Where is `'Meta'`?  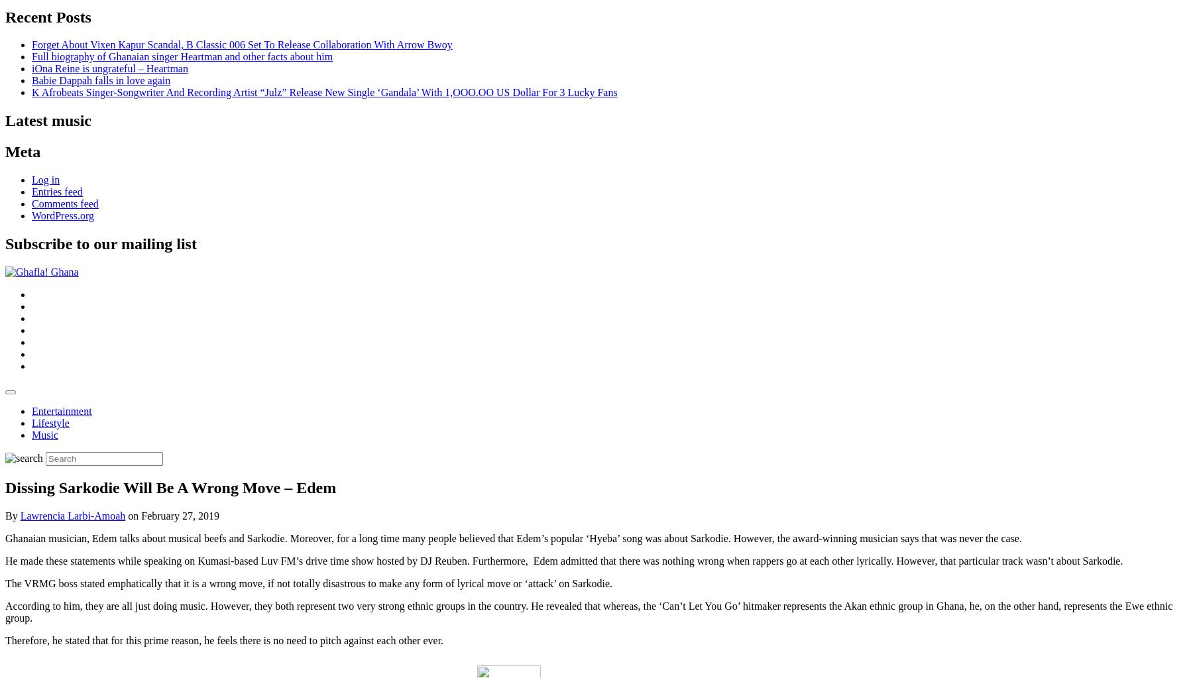
'Meta' is located at coordinates (4, 151).